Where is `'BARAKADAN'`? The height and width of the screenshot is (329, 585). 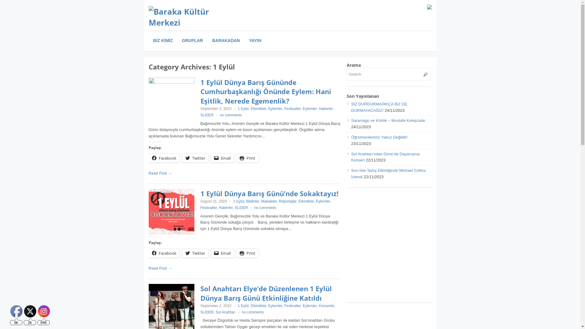
'BARAKADAN' is located at coordinates (225, 40).